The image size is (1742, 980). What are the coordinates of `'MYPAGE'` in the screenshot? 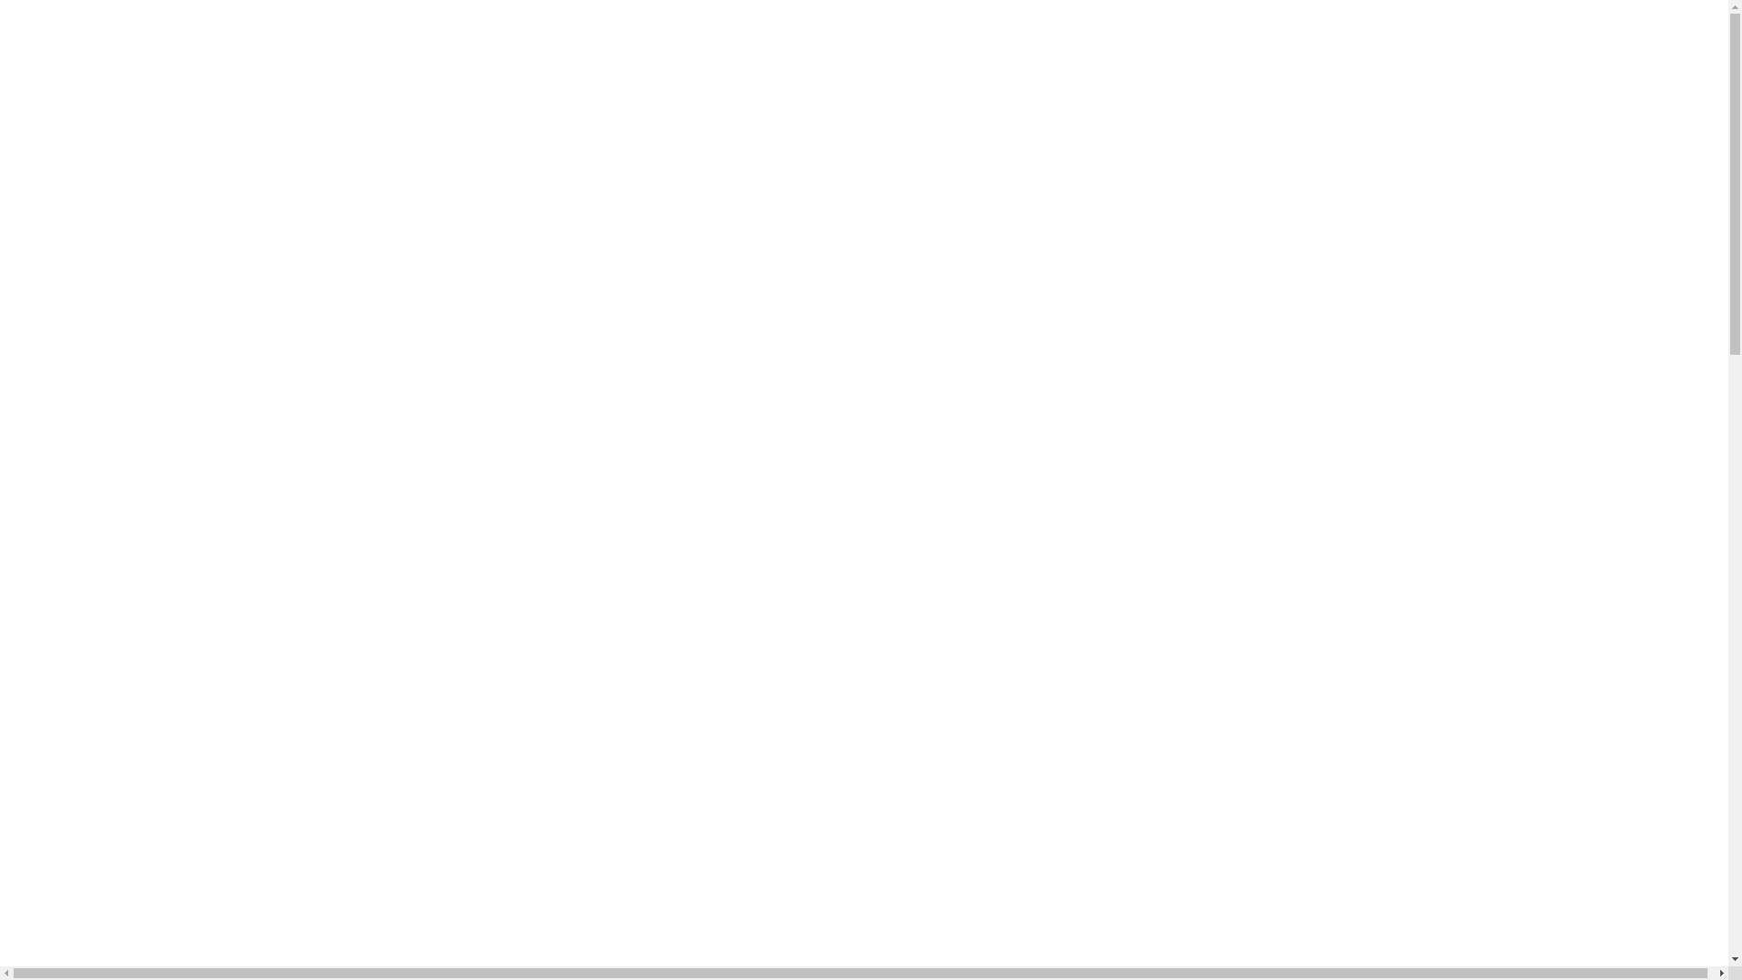 It's located at (44, 142).